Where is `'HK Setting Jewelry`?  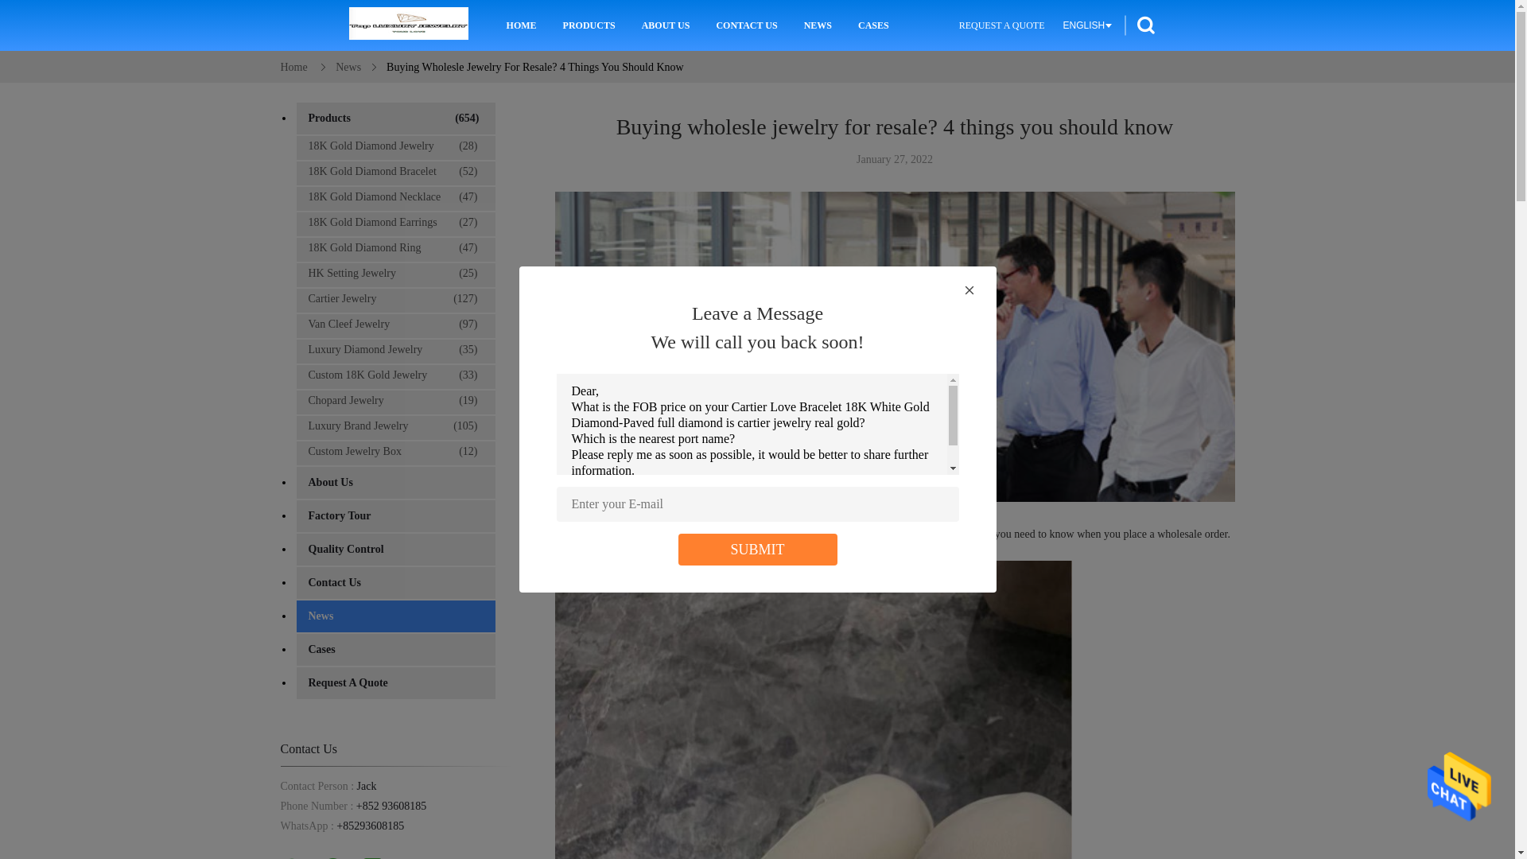
'HK Setting Jewelry is located at coordinates (296, 272).